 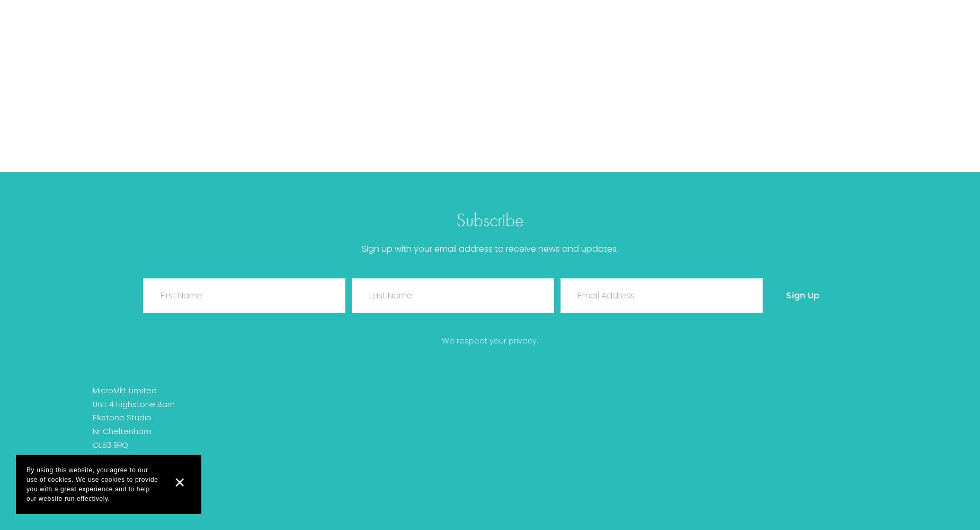 What do you see at coordinates (490, 173) in the screenshot?
I see `'Sign In'` at bounding box center [490, 173].